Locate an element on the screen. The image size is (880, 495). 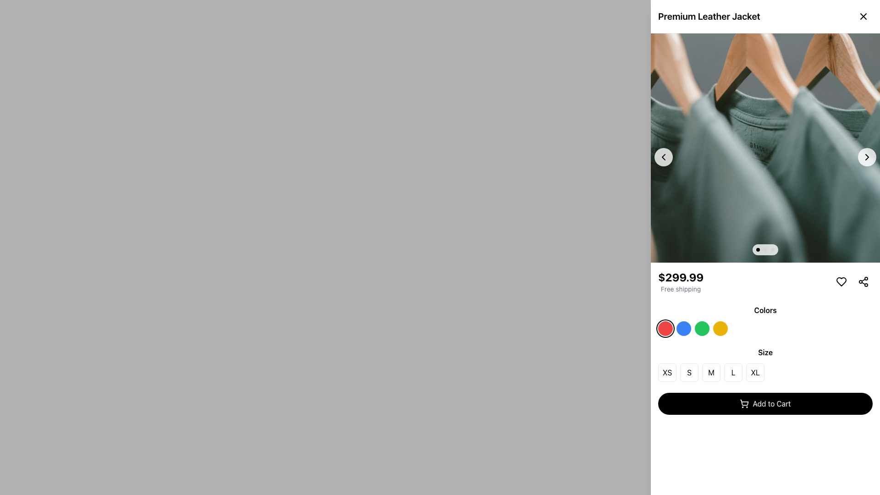
the monochrome shopping cart SVG icon located to the left of the 'Add to Cart' button, which is centered at the bottom of the product information section is located at coordinates (744, 403).